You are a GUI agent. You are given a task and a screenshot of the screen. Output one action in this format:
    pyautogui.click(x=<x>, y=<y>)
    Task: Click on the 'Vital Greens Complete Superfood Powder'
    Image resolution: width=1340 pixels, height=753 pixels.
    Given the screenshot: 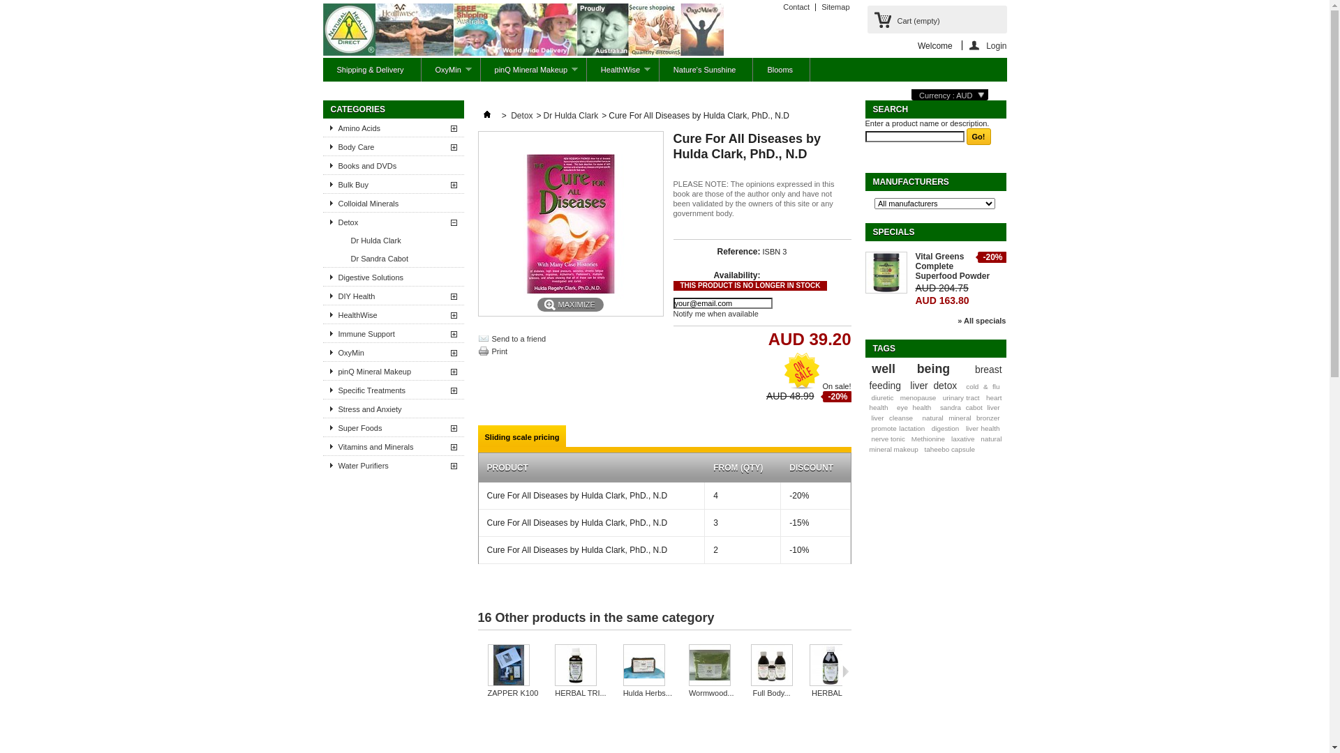 What is the action you would take?
    pyautogui.click(x=886, y=272)
    